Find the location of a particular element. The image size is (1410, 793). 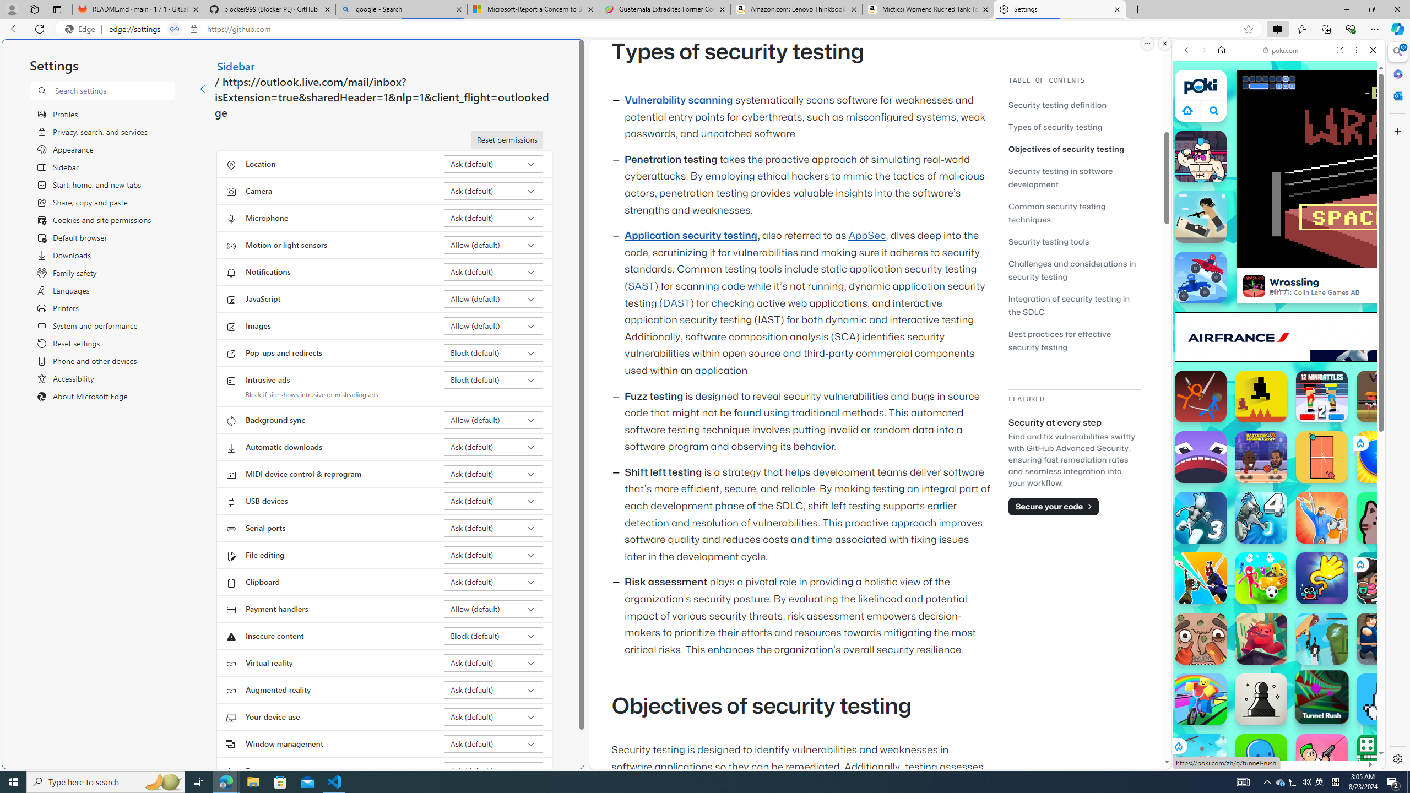

'Tunnel Rush' is located at coordinates (1322, 696).